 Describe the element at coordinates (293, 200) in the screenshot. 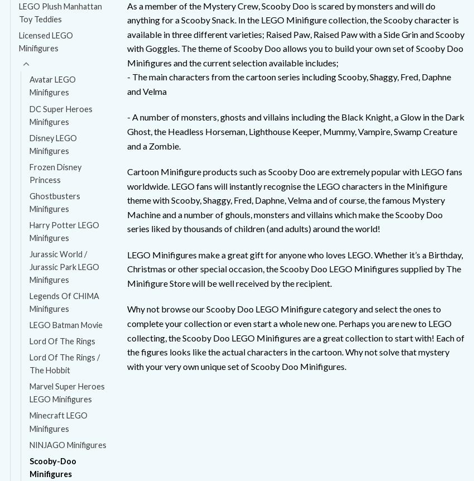

I see `'Cartoon Minifigure products such as Scooby Doo are extremely popular with LEGO fans worldwide. LEGO fans will instantly recognise the LEGO characters in the Minifigure theme with Scooby, Shaggy, Fred, Daphne, Velma and of course, the famous Mystery Machine and a number of ghouls, monsters and villains which make the Scooby Doo series liked by thousands of children (and adults) around the world!'` at that location.